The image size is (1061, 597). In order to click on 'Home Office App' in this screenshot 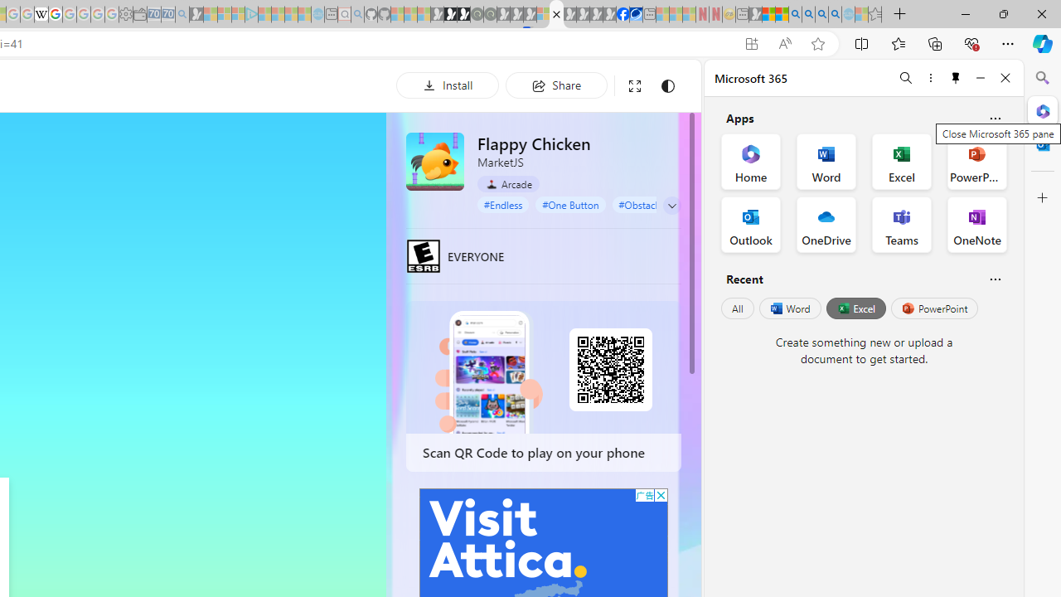, I will do `click(750, 162)`.